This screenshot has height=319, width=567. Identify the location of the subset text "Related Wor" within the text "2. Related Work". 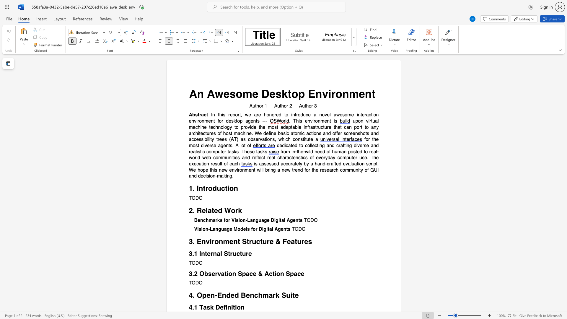
(197, 210).